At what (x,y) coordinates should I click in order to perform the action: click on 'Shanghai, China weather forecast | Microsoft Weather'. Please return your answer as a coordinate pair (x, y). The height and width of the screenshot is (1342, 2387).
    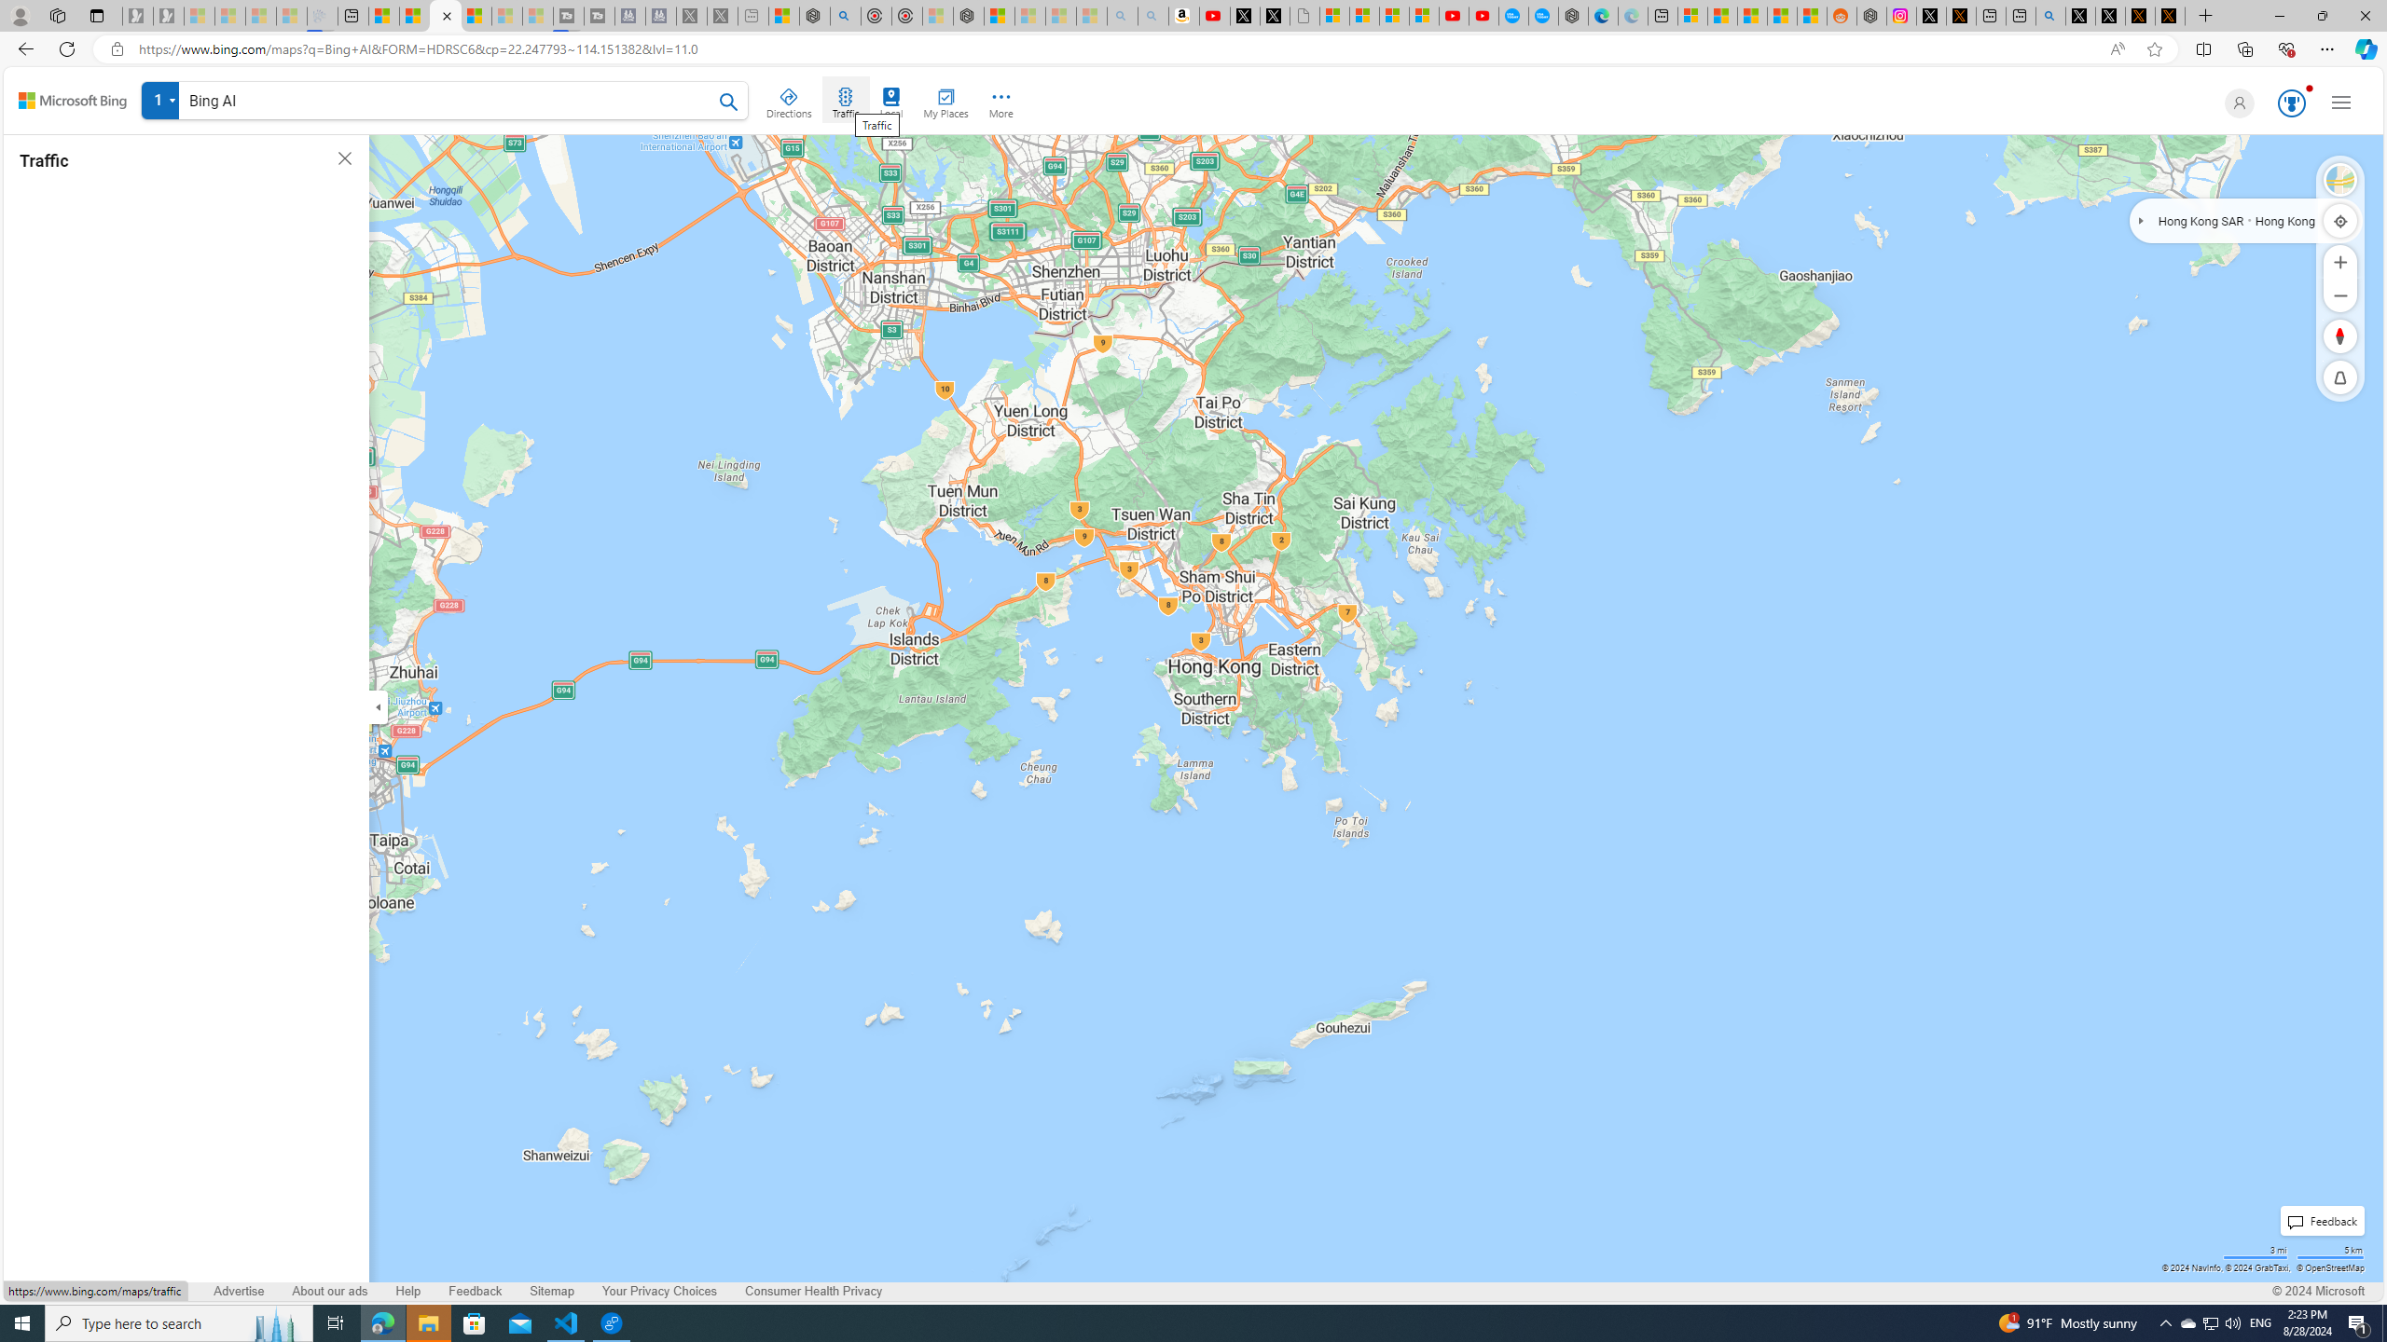
    Looking at the image, I should click on (1721, 15).